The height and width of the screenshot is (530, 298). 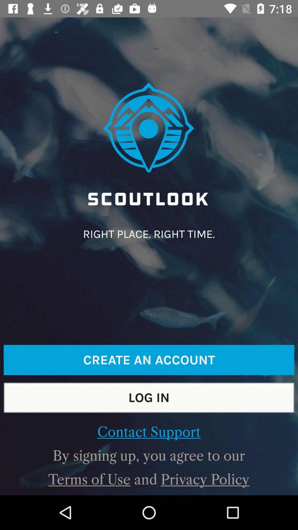 What do you see at coordinates (89, 479) in the screenshot?
I see `the terms of use` at bounding box center [89, 479].